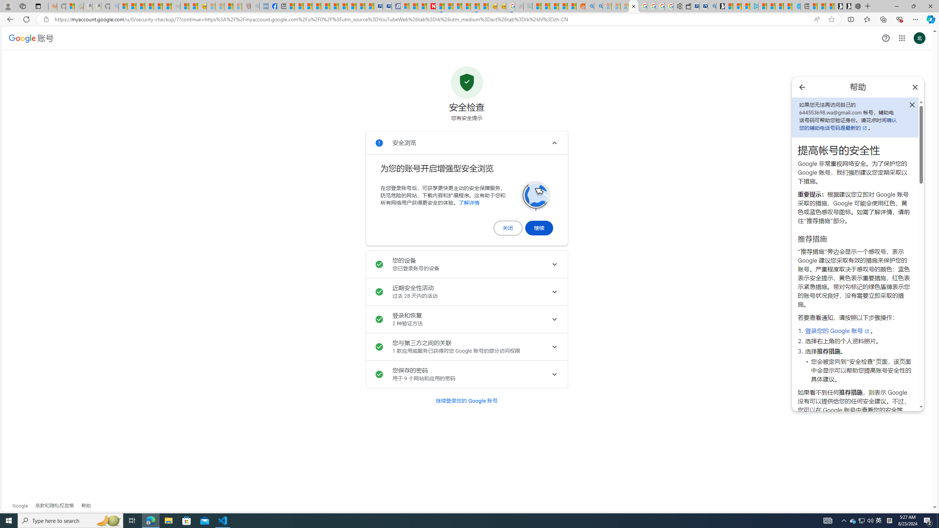  Describe the element at coordinates (140, 6) in the screenshot. I see `'The Weather Channel - MSN'` at that location.